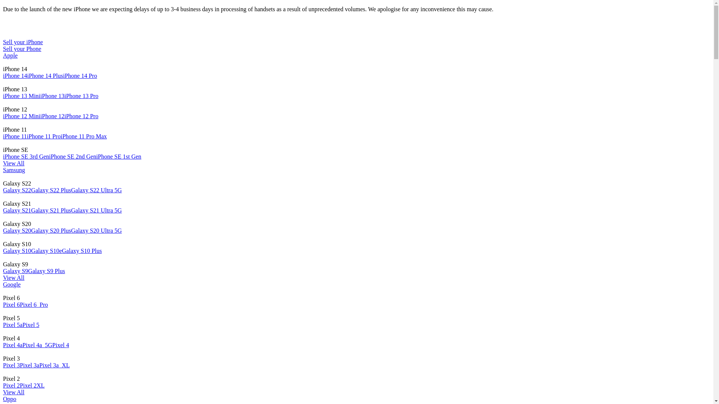  Describe the element at coordinates (13, 392) in the screenshot. I see `'View All'` at that location.